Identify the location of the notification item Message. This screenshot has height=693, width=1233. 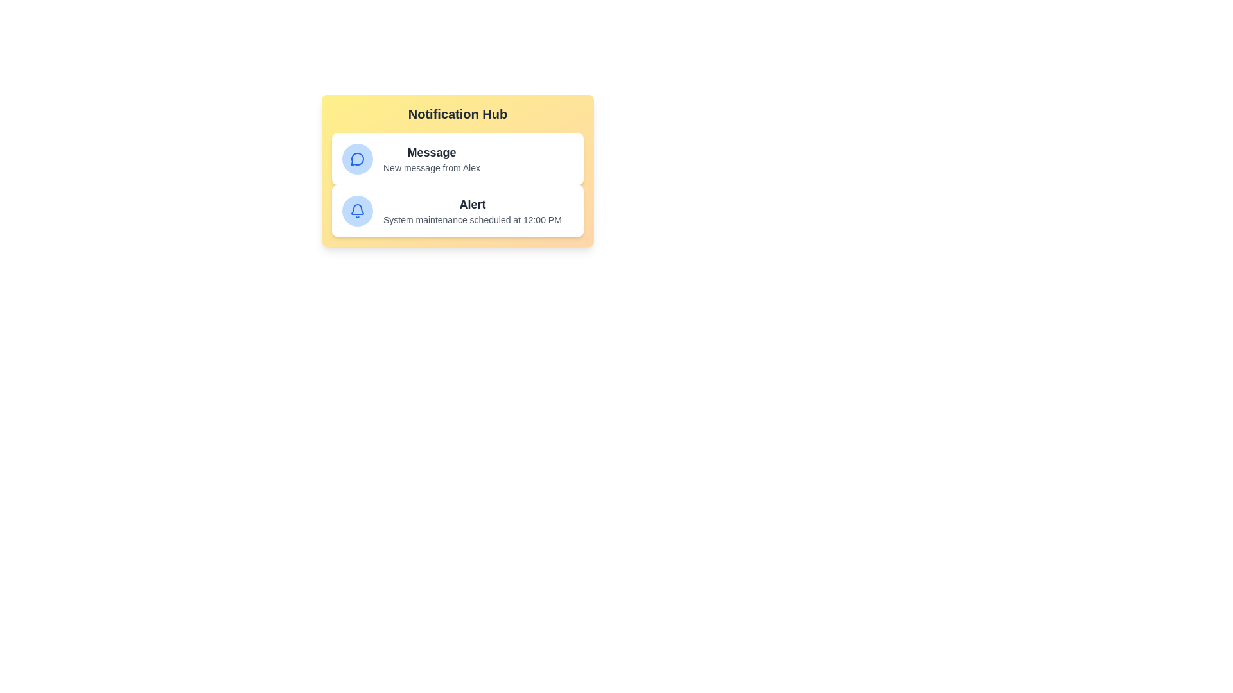
(458, 158).